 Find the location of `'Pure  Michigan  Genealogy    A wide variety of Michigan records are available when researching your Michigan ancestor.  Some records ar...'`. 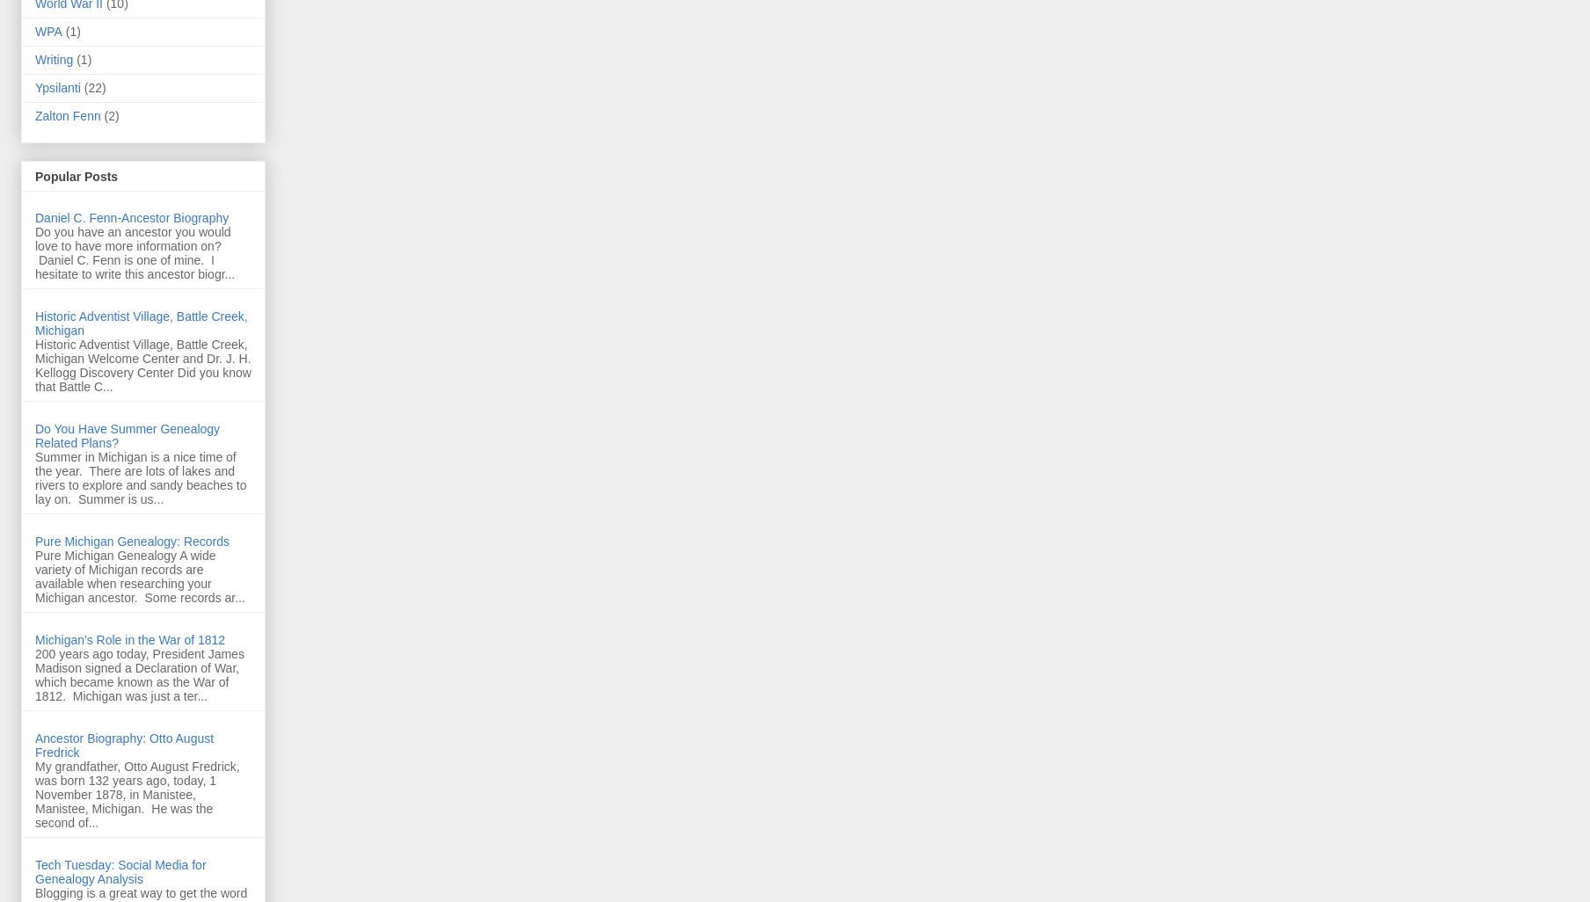

'Pure  Michigan  Genealogy    A wide variety of Michigan records are available when researching your Michigan ancestor.  Some records ar...' is located at coordinates (139, 575).